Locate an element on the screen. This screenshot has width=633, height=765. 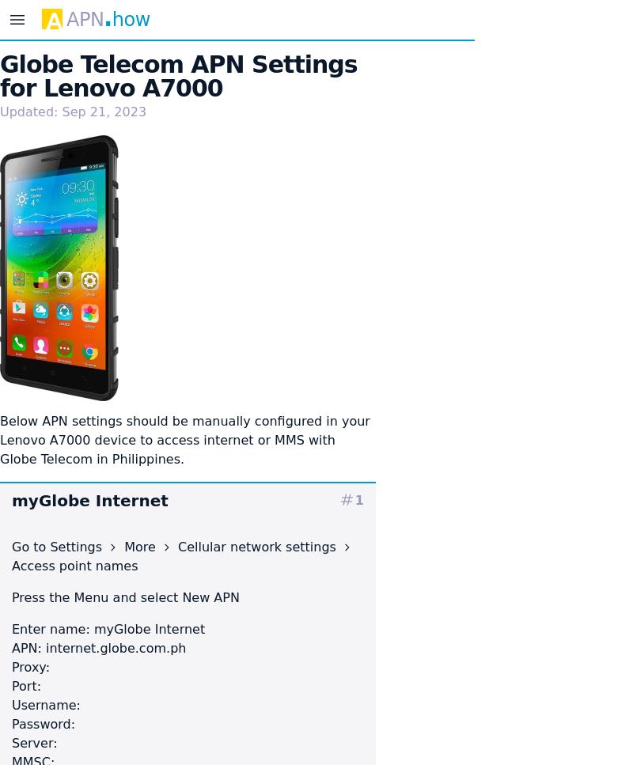
'tag' is located at coordinates (345, 499).